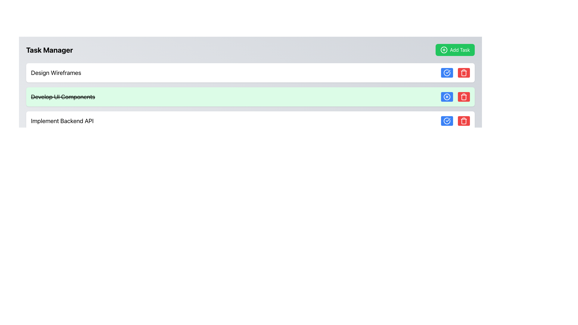  What do you see at coordinates (447, 96) in the screenshot?
I see `the close button located next to the 'Develop UI Components' text` at bounding box center [447, 96].